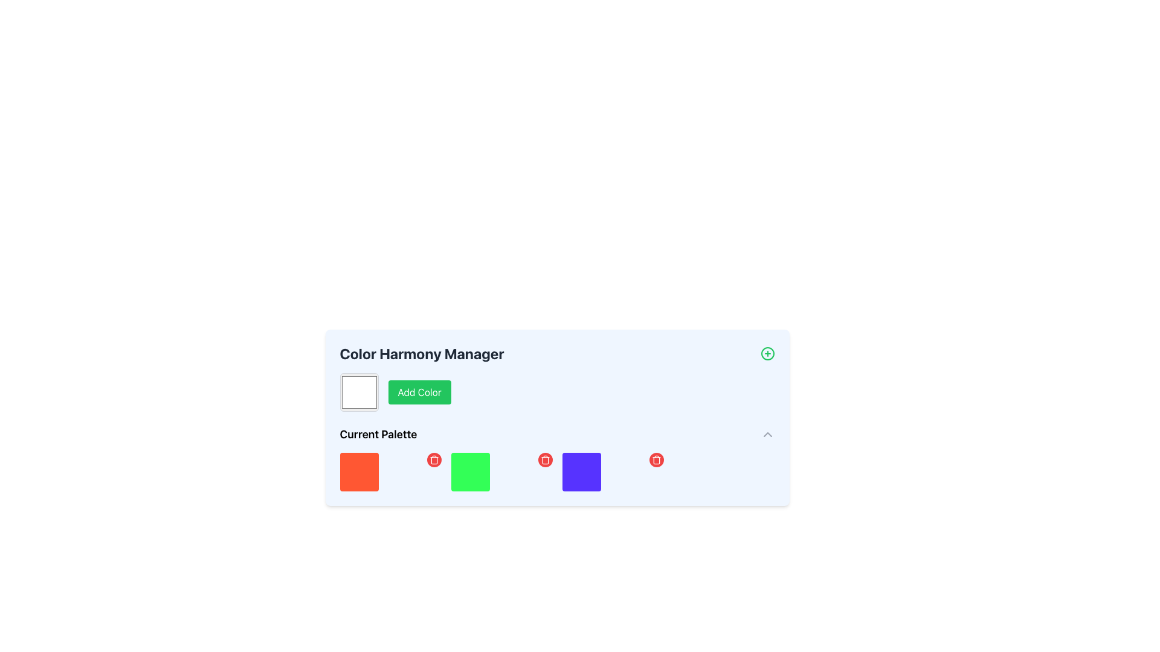 This screenshot has width=1160, height=652. I want to click on the circular green icon with a plus symbol at its center, located at the top-right corner of the 'Color Harmony Manager' section, so click(767, 353).